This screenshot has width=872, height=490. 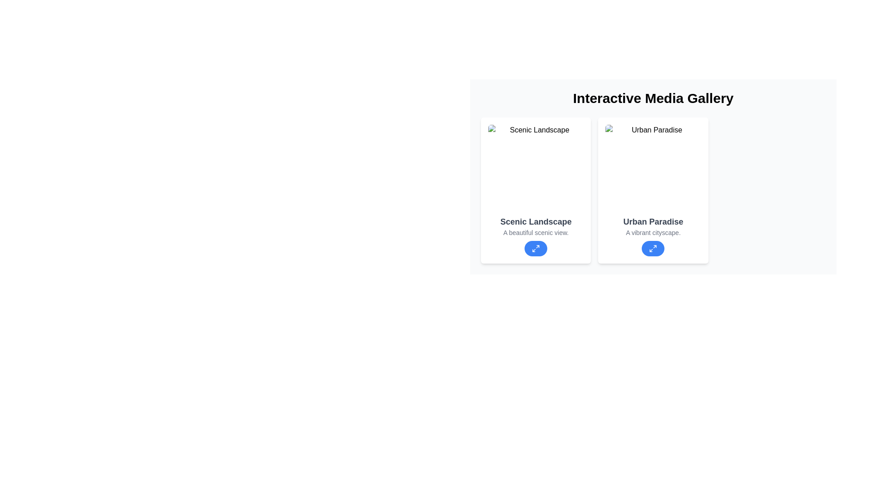 What do you see at coordinates (653, 176) in the screenshot?
I see `the second card titled 'Urban Paradise' in the 'Interactive Media Gallery' section` at bounding box center [653, 176].